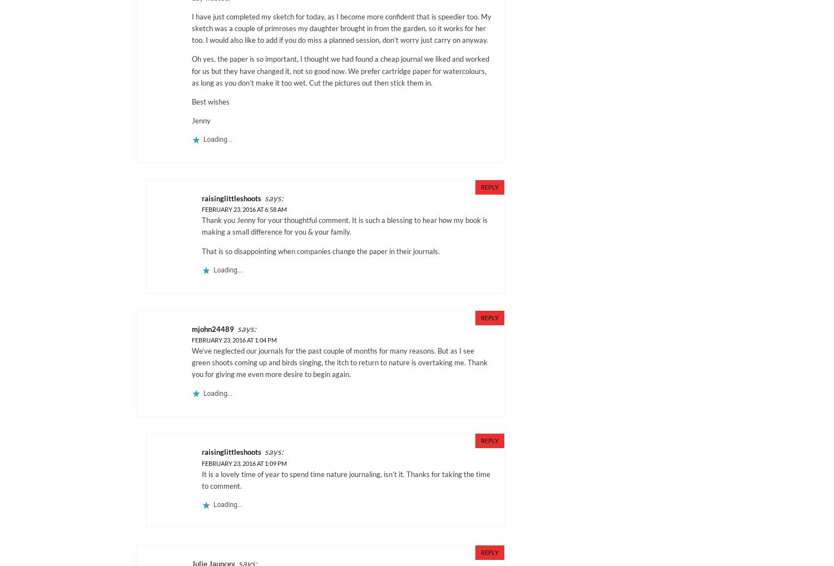  I want to click on 'February 23, 2016 at 1:04 pm', so click(234, 339).